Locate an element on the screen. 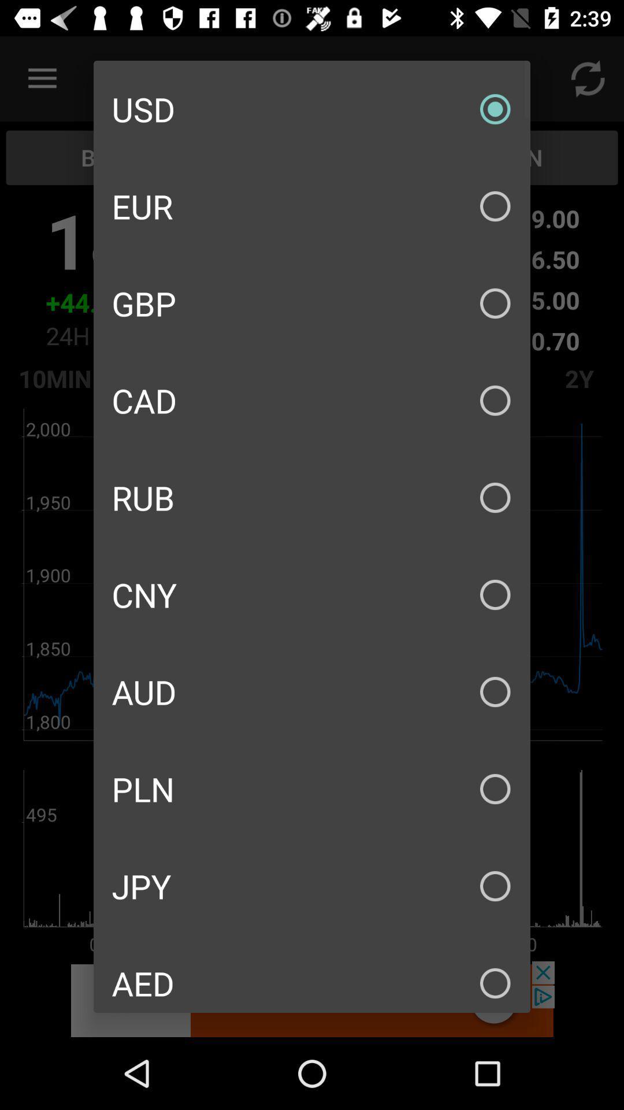 The image size is (624, 1110). icon below gbp is located at coordinates (312, 400).